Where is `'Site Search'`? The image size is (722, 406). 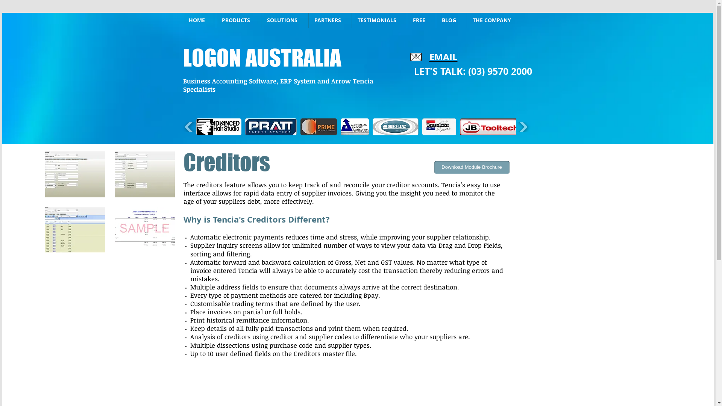
'Site Search' is located at coordinates (561, 20).